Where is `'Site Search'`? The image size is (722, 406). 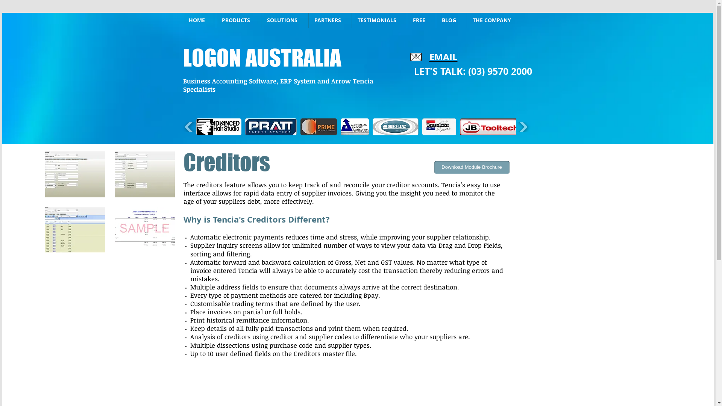
'Site Search' is located at coordinates (561, 20).